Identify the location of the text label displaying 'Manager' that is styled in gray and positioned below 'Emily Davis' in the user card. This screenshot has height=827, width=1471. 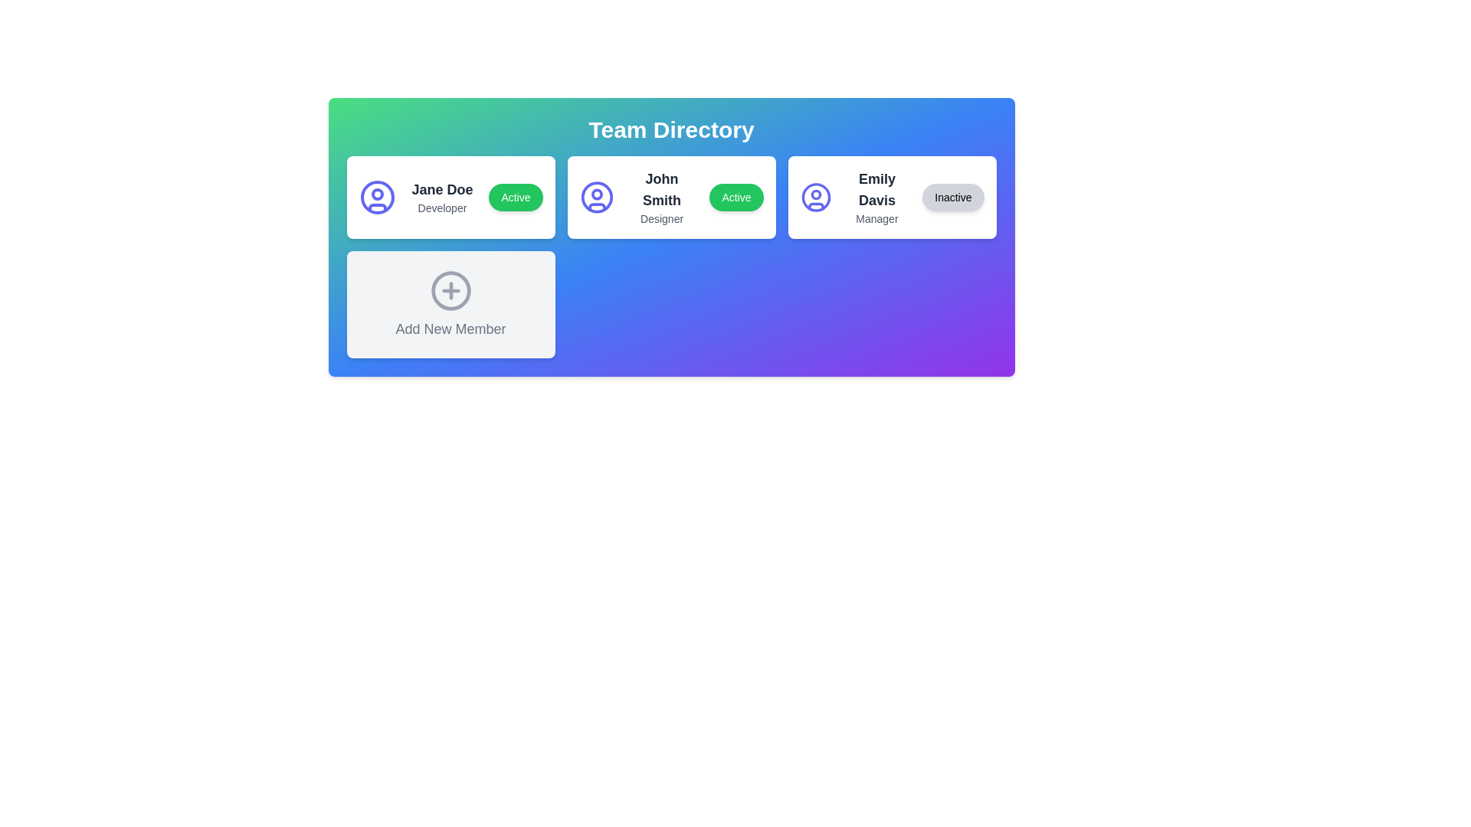
(876, 218).